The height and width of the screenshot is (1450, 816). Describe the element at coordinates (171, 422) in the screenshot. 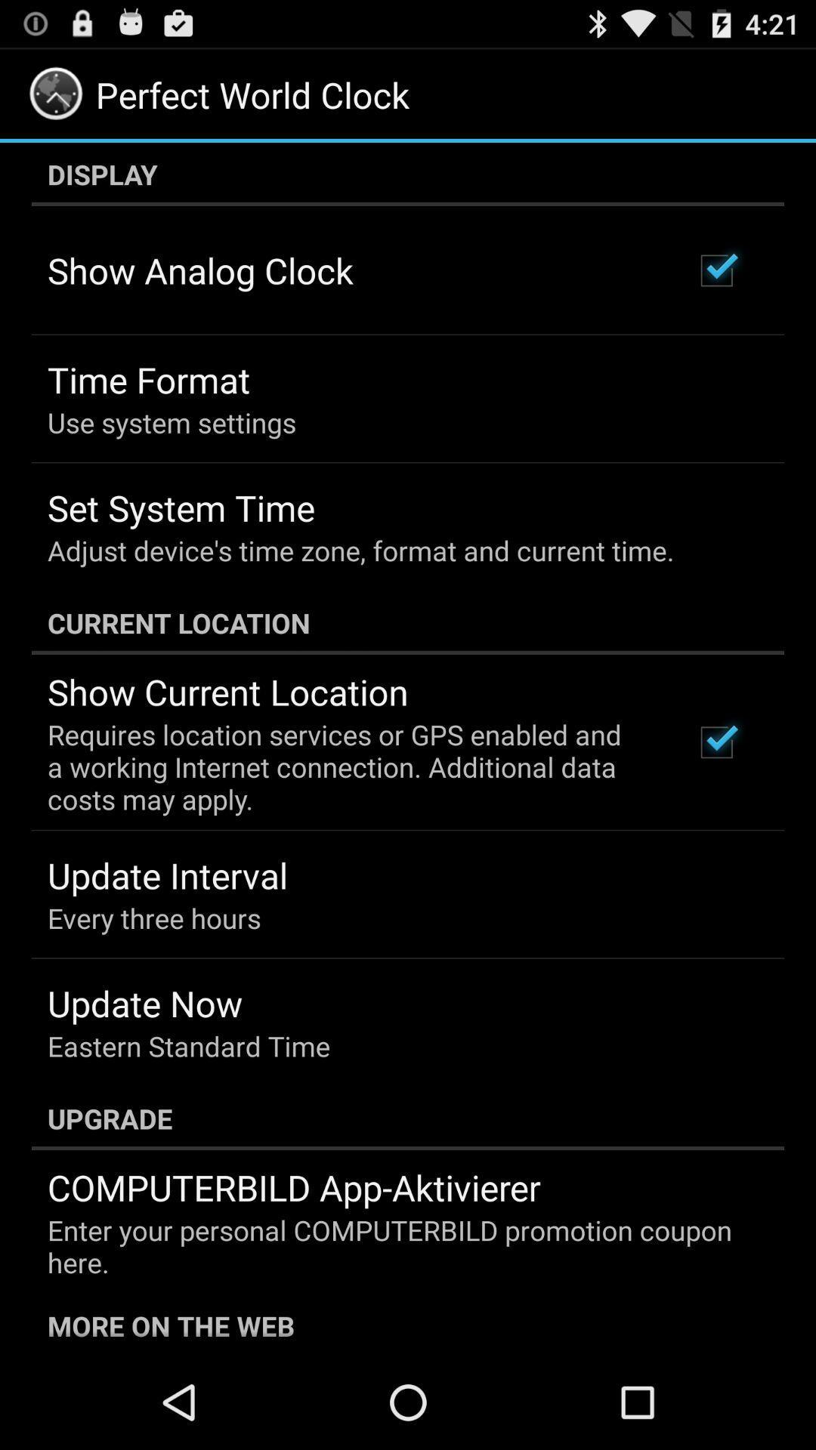

I see `the item above set system time item` at that location.